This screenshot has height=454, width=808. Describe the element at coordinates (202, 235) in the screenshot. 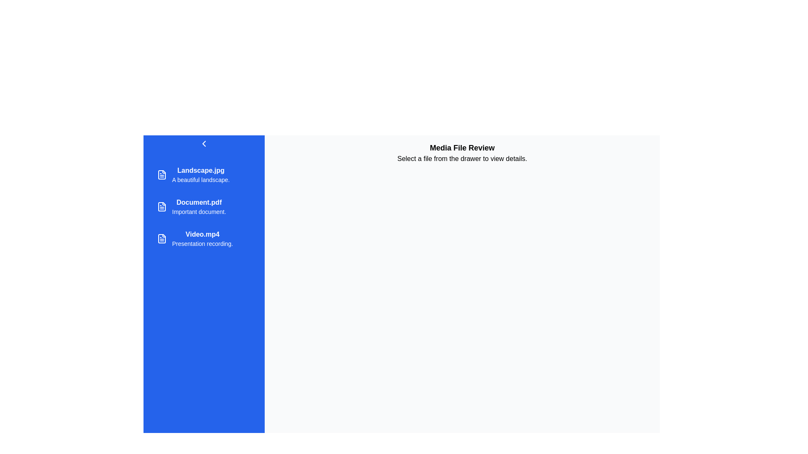

I see `the Text label that serves as the title of a file, positioned above 'Presentation recording' in the left sidebar` at that location.